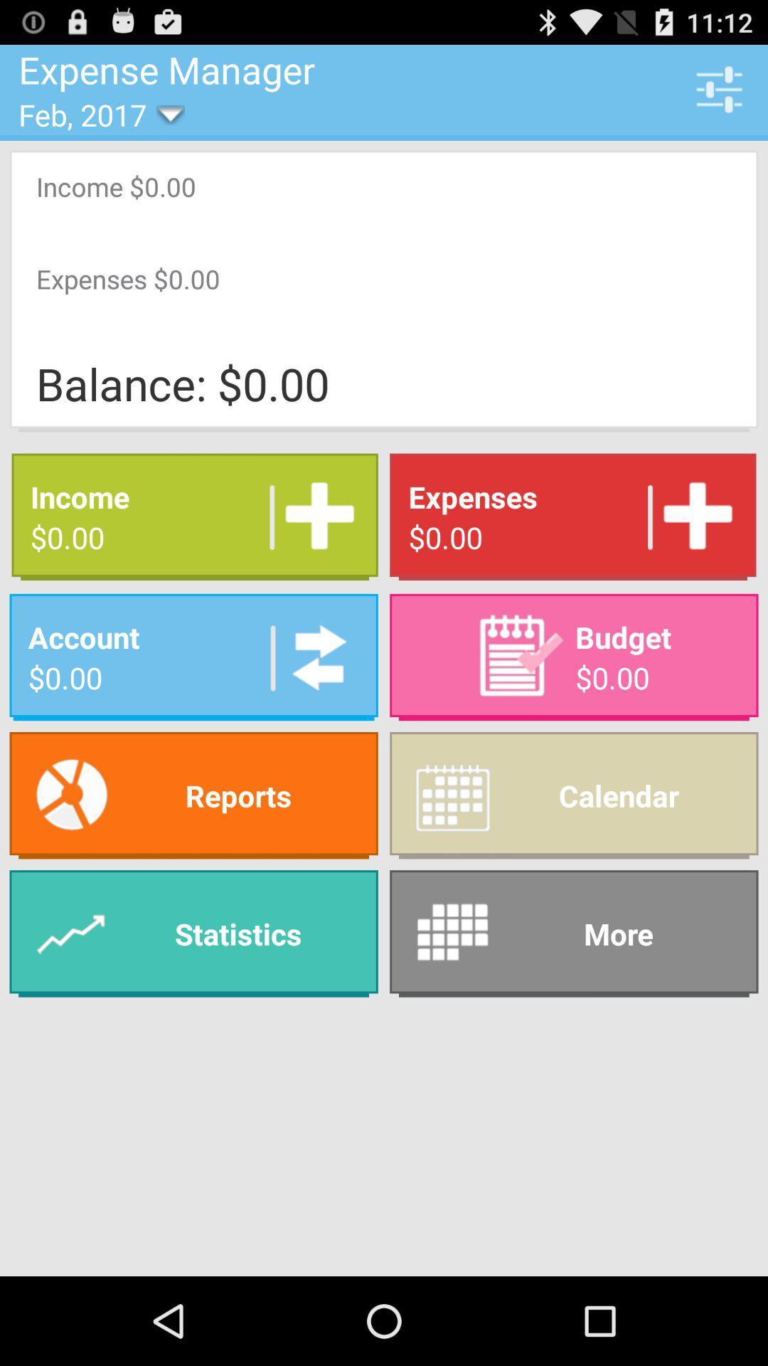  I want to click on the icon next to the expense manager, so click(719, 88).